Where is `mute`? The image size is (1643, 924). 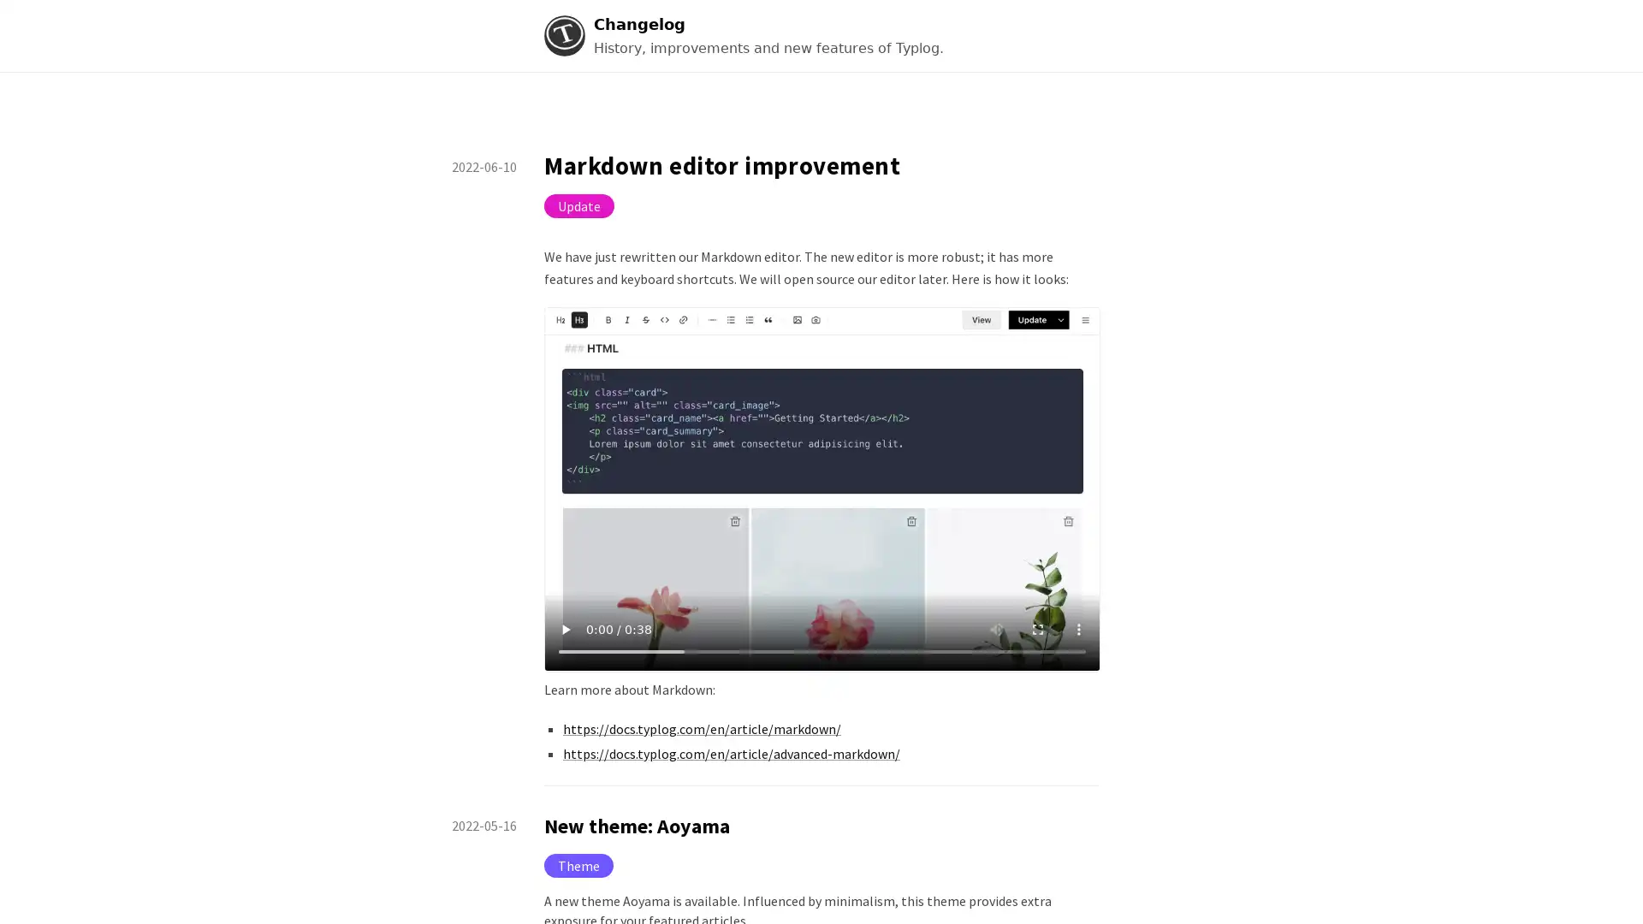
mute is located at coordinates (997, 630).